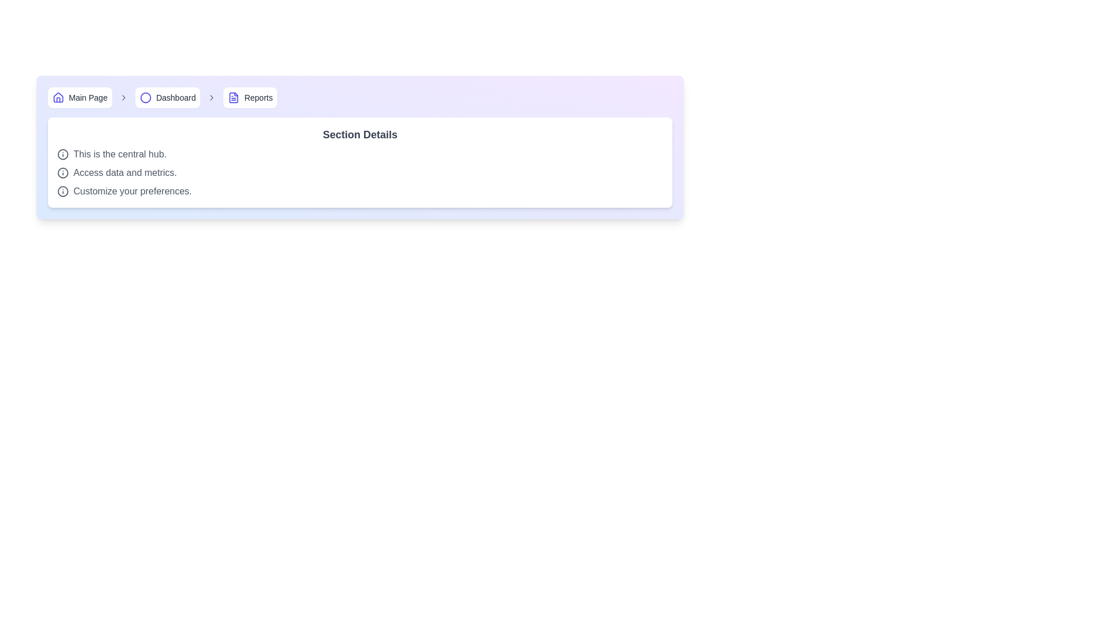  What do you see at coordinates (175, 97) in the screenshot?
I see `the 'Dashboard' textual label in the breadcrumb navigation toolbar, which is styled in a medium-sized sans-serif font and is positioned between 'Main Page' and 'Reports'` at bounding box center [175, 97].